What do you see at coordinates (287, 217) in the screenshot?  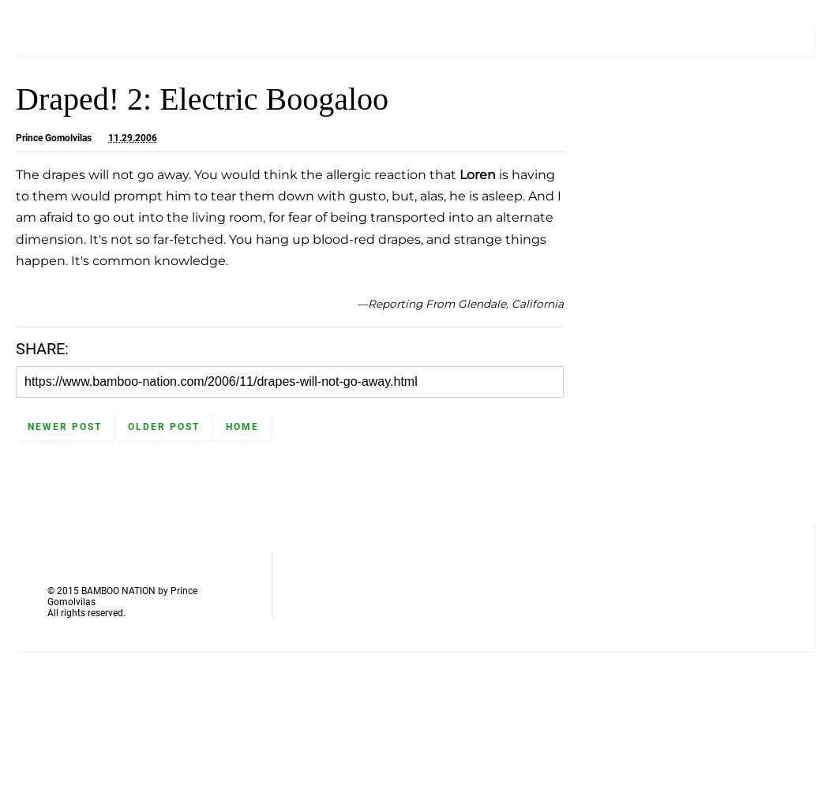 I see `'is having to them would prompt him to tear them down with gusto, but, alas, he is asleep. And I am afraid to go out into the living room, for fear of being transported into an alternate dimension. It's not so far-fetched. You hang up blood-red drapes, and strange things happen. It's common knowledge.'` at bounding box center [287, 217].